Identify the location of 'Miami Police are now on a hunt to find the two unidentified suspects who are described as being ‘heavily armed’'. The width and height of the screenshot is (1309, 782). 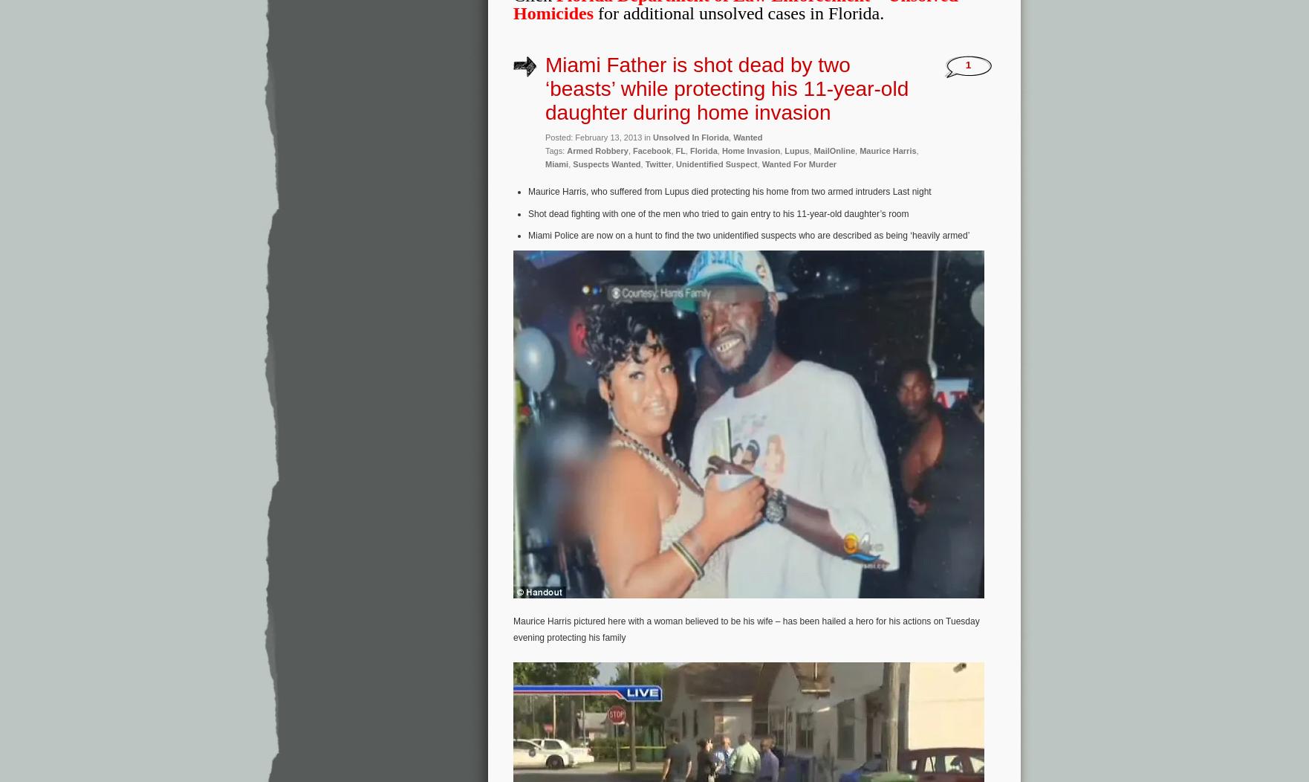
(527, 234).